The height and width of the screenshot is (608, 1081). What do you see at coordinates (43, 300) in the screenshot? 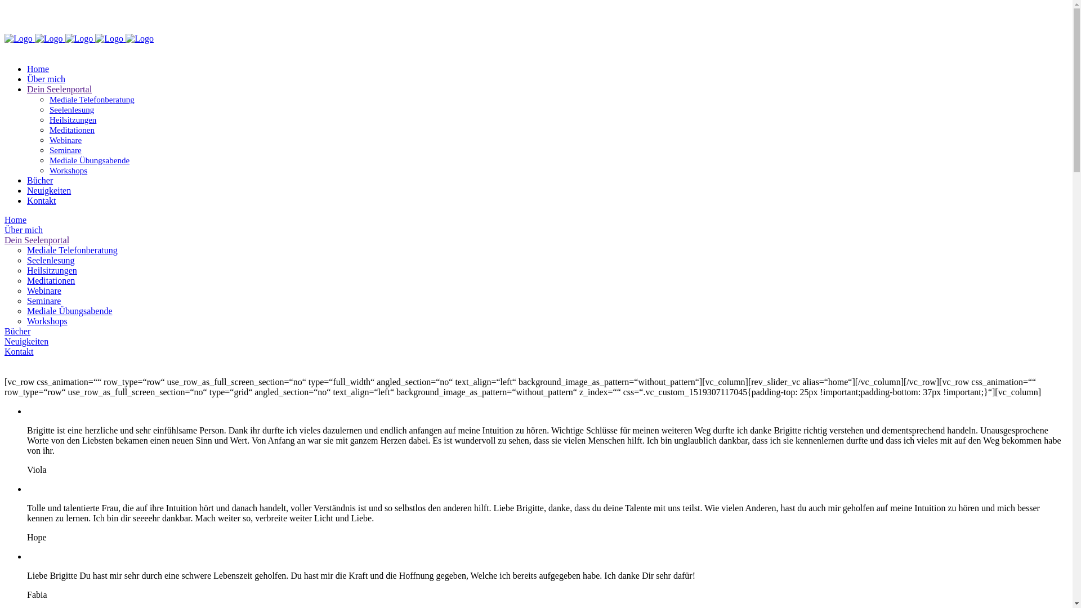
I see `'Seminare'` at bounding box center [43, 300].